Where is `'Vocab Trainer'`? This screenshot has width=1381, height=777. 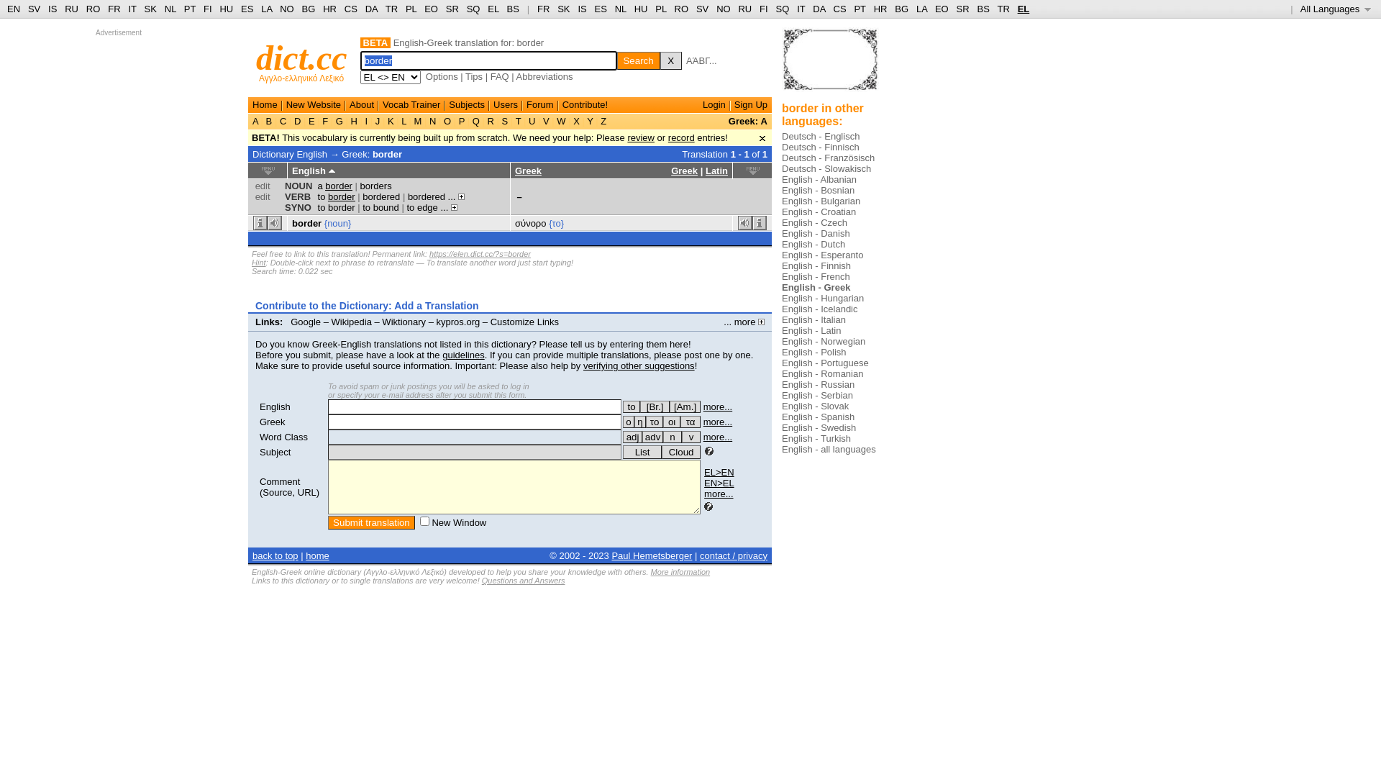 'Vocab Trainer' is located at coordinates (410, 104).